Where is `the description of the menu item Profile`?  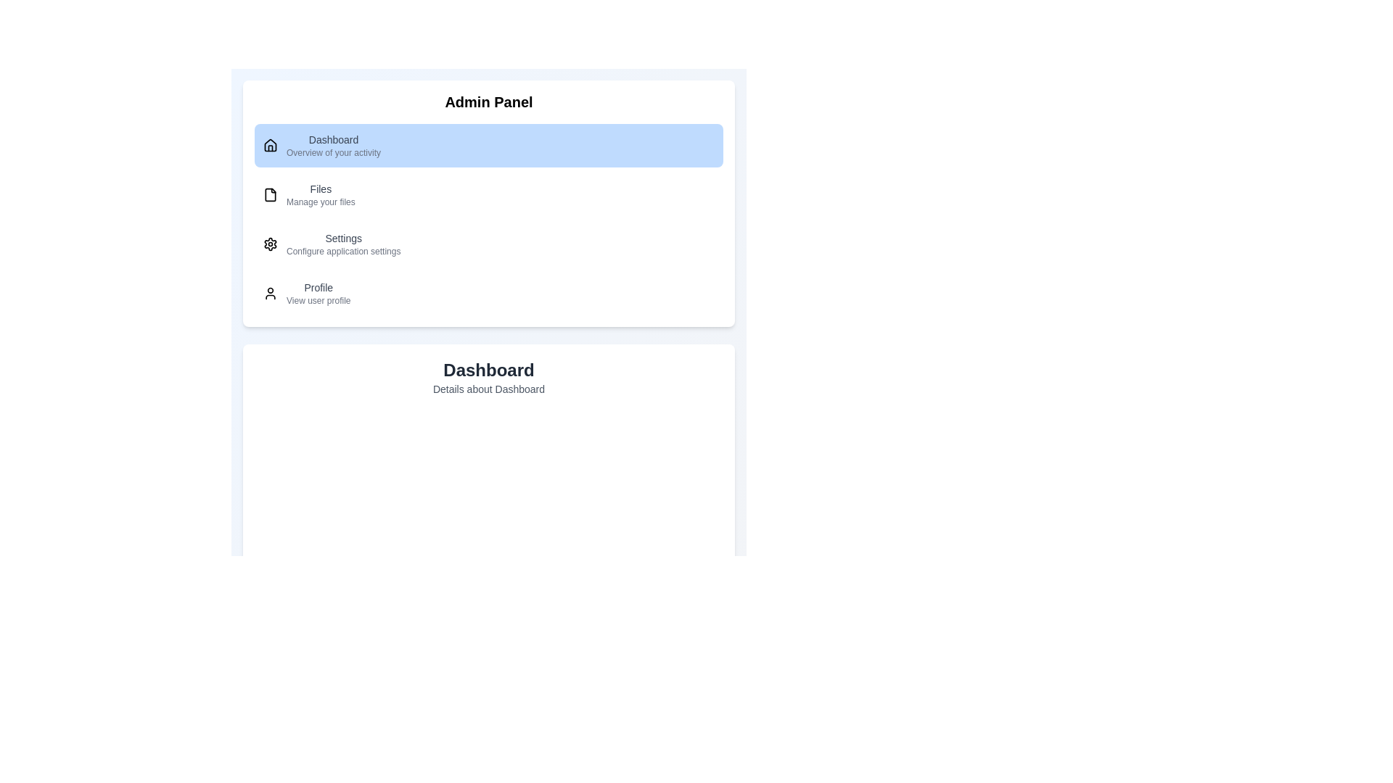 the description of the menu item Profile is located at coordinates (318, 294).